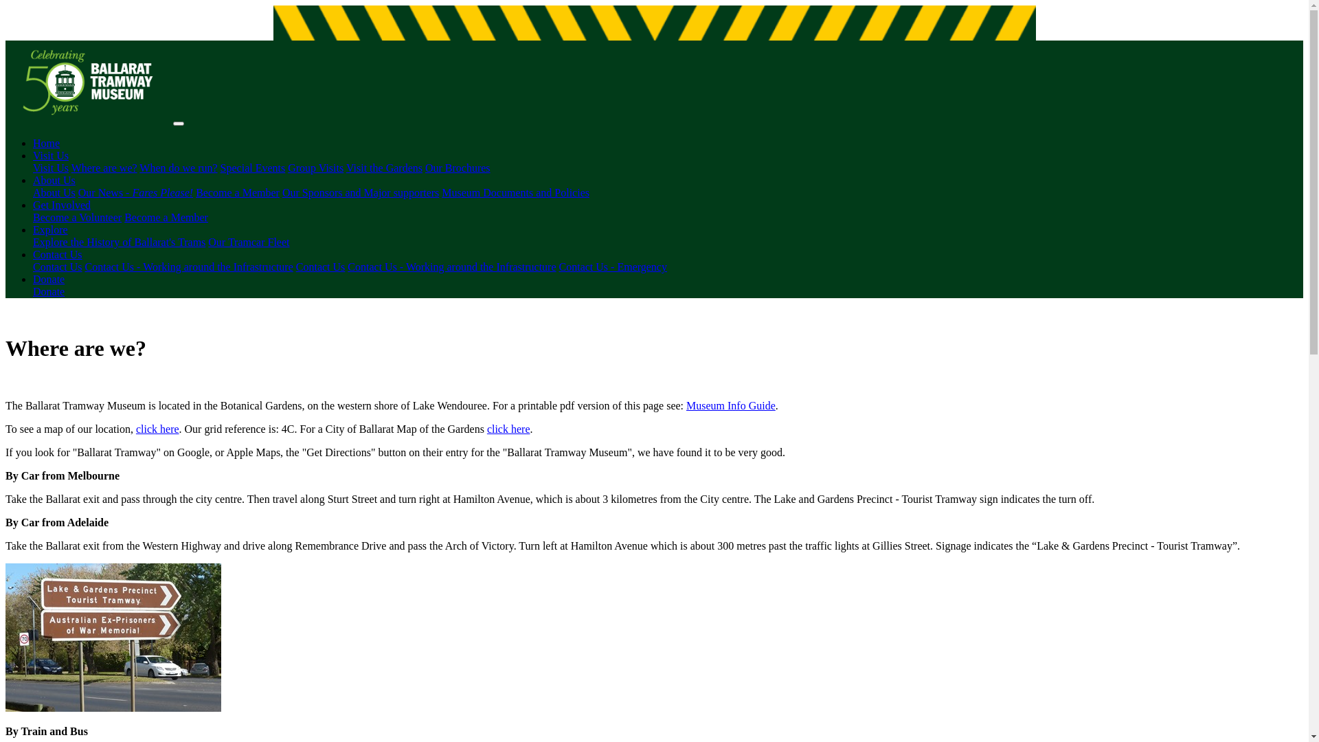 The image size is (1319, 742). What do you see at coordinates (113, 638) in the screenshot?
I see `'the sign to the Gardens area located on Sturt St West'` at bounding box center [113, 638].